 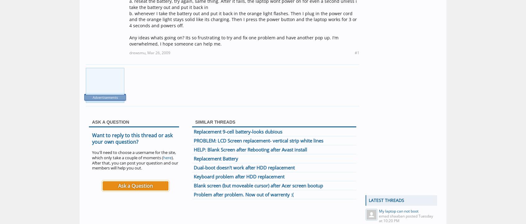 I want to click on 'Similar Threads', so click(x=215, y=121).